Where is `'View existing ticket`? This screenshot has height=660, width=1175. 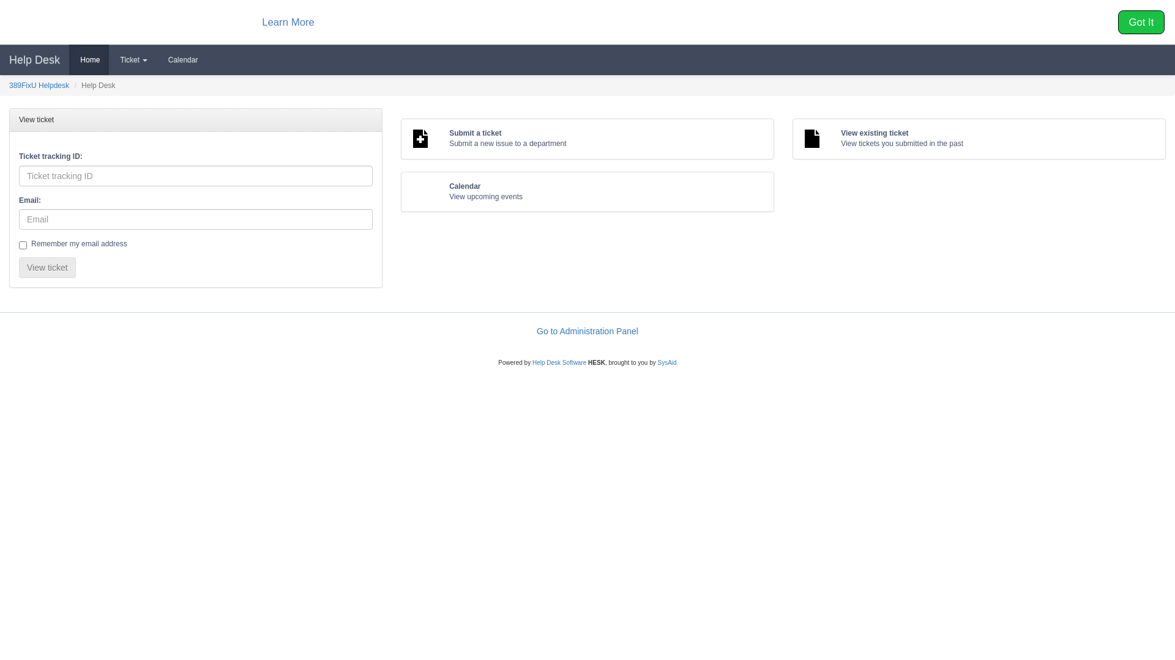 'View existing ticket is located at coordinates (978, 138).